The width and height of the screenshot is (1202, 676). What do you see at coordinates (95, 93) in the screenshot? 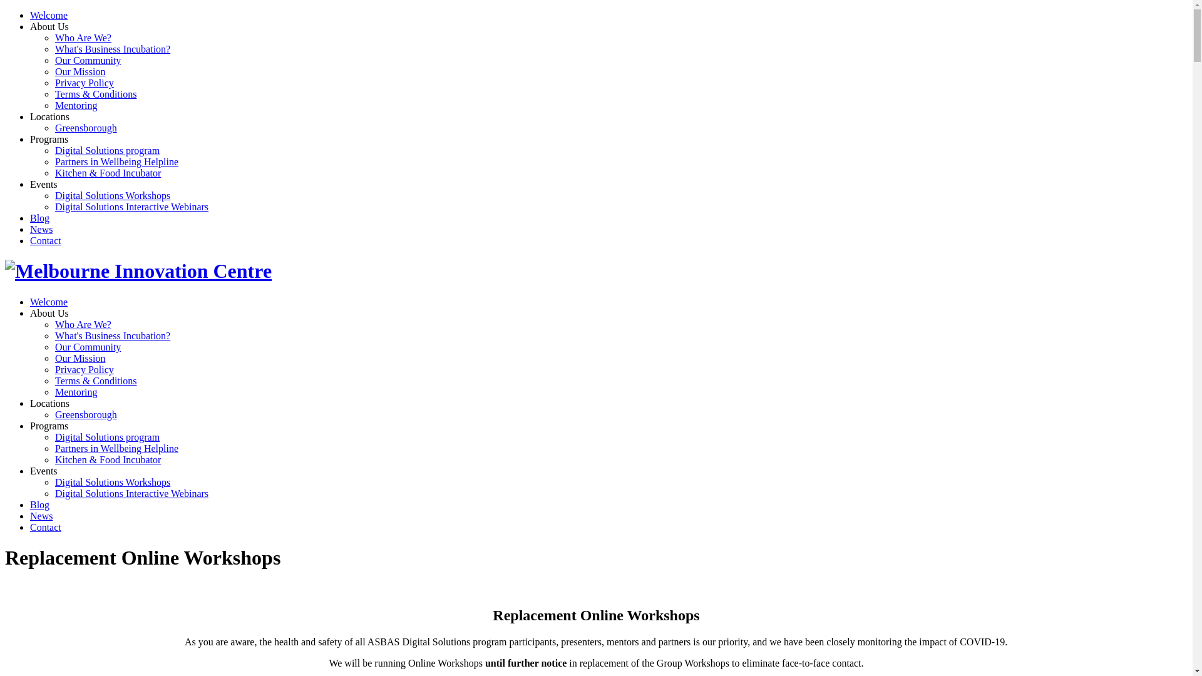
I see `'Terms & Conditions'` at bounding box center [95, 93].